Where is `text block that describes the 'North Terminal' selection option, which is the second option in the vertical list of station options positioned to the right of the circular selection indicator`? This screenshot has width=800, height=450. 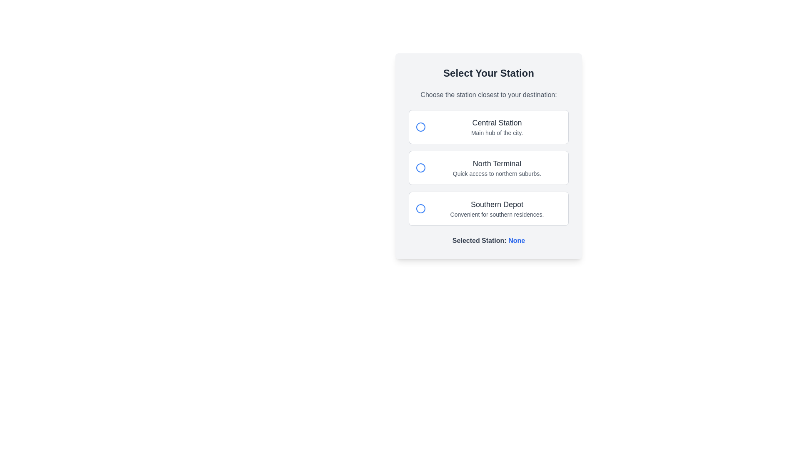 text block that describes the 'North Terminal' selection option, which is the second option in the vertical list of station options positioned to the right of the circular selection indicator is located at coordinates (497, 167).